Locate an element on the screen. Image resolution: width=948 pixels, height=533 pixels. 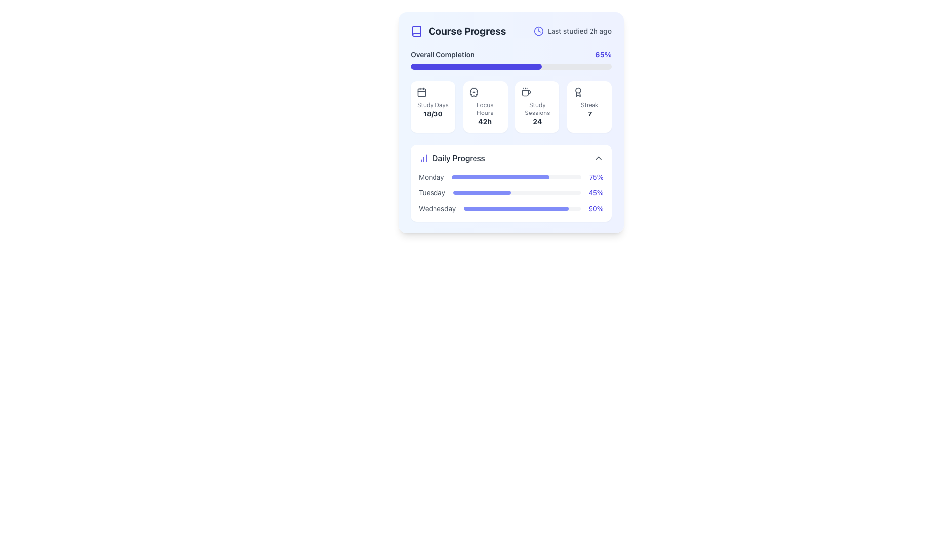
the filled portion of the Progress Bar, which is indigo colored and represents 65% completion, located below the 'Overall Completion' text in the 'Course Progress' section is located at coordinates (476, 67).